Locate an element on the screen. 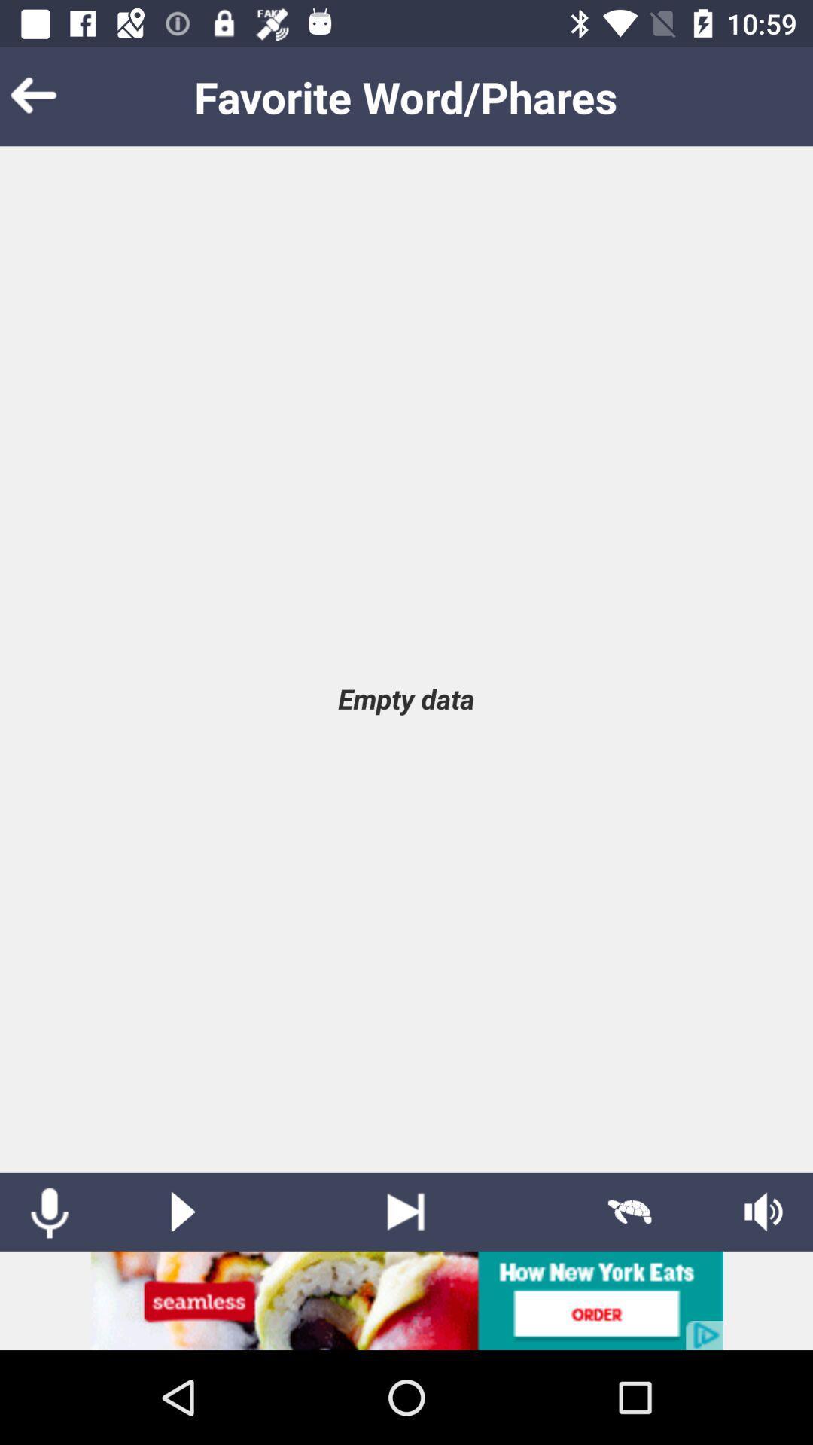 The height and width of the screenshot is (1445, 813). volume option is located at coordinates (763, 1212).